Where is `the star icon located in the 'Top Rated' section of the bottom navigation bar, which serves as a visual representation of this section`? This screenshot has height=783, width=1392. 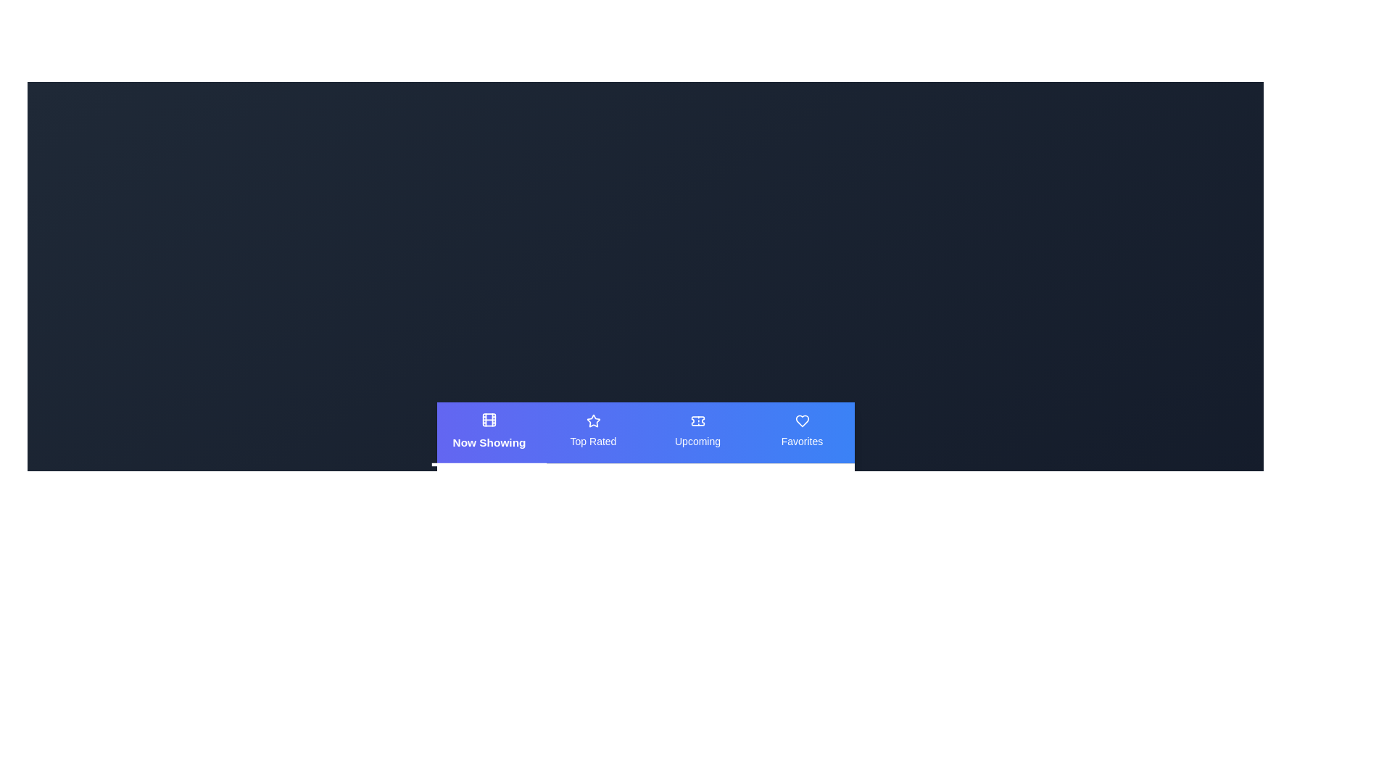 the star icon located in the 'Top Rated' section of the bottom navigation bar, which serves as a visual representation of this section is located at coordinates (593, 420).